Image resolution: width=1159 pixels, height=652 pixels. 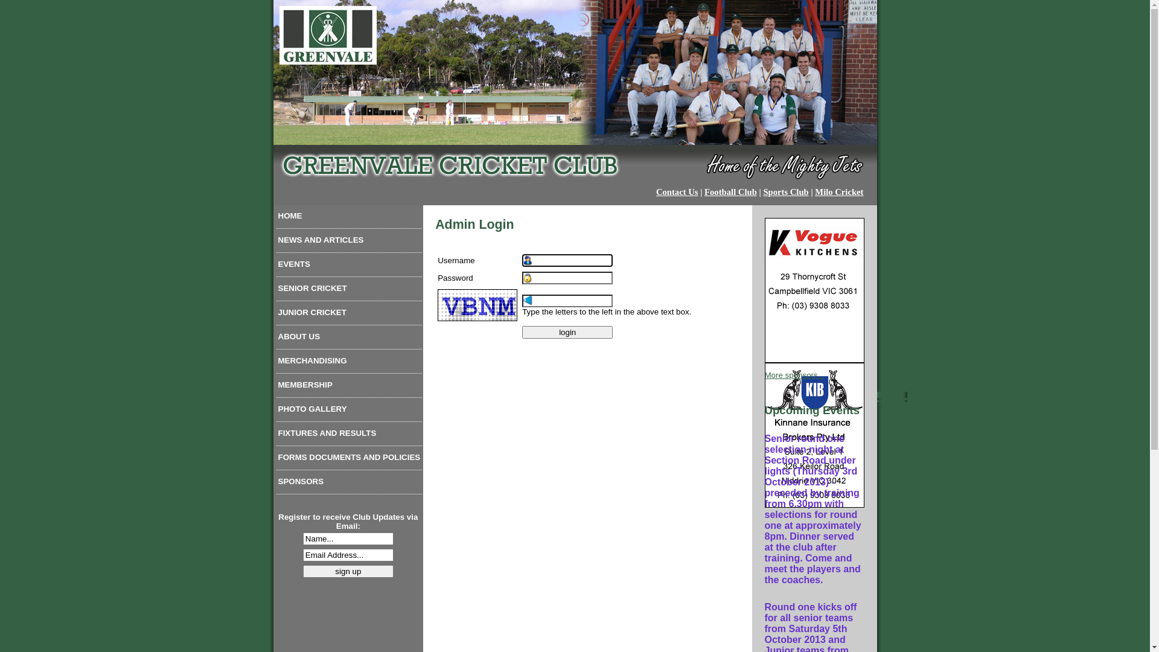 What do you see at coordinates (349, 291) in the screenshot?
I see `'SENIOR CRICKET'` at bounding box center [349, 291].